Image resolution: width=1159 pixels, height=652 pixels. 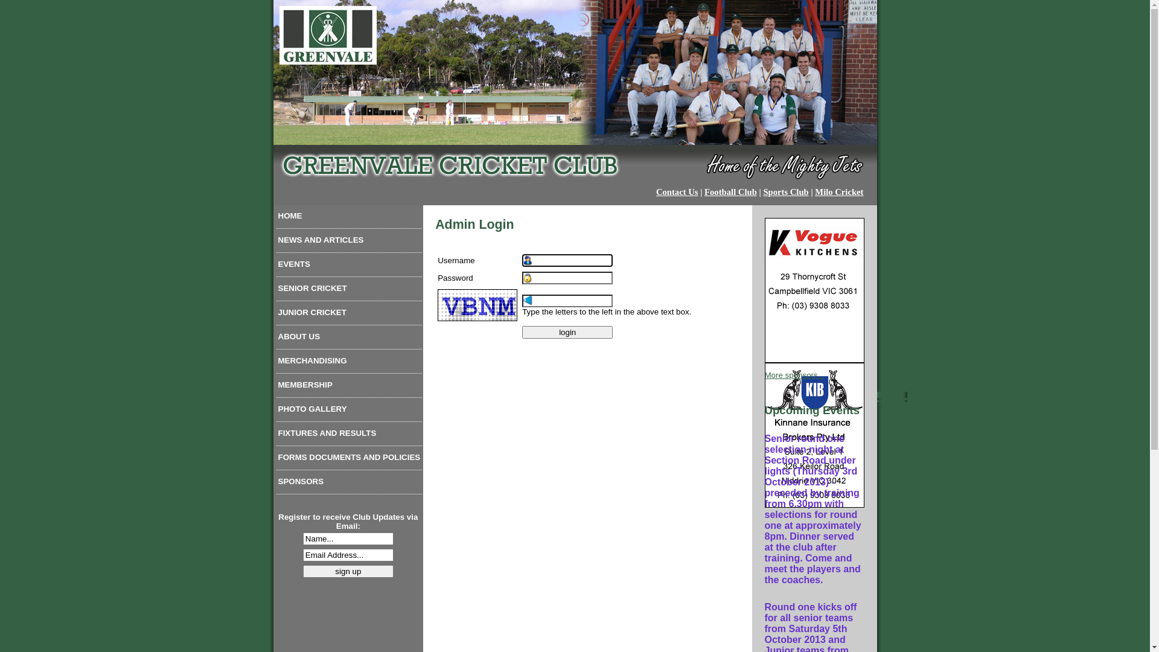 What do you see at coordinates (349, 291) in the screenshot?
I see `'SENIOR CRICKET'` at bounding box center [349, 291].